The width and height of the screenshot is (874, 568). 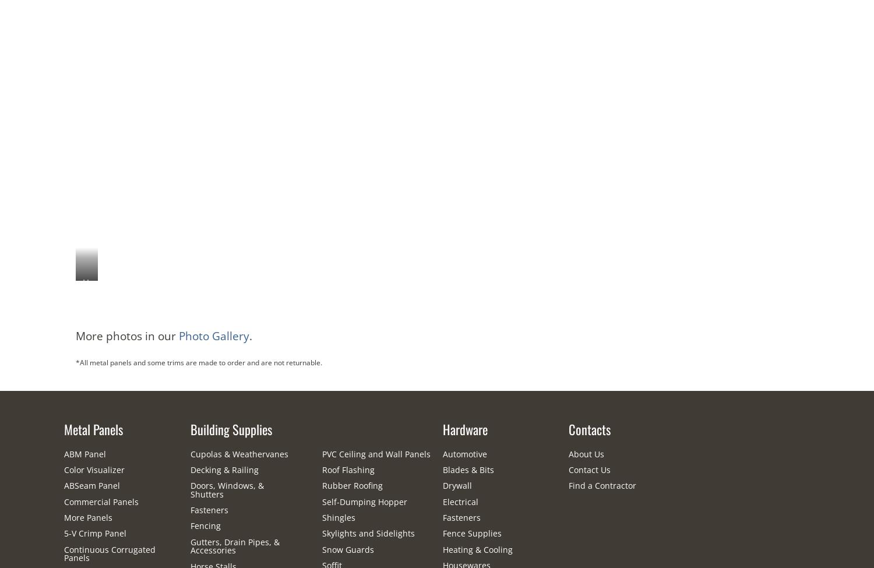 What do you see at coordinates (251, 334) in the screenshot?
I see `'.'` at bounding box center [251, 334].